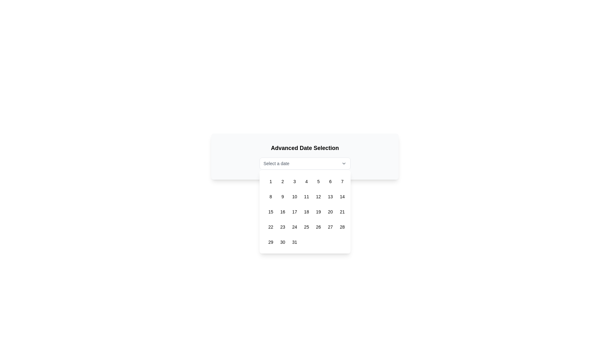 Image resolution: width=607 pixels, height=341 pixels. I want to click on the interactive calendar grid located below the 'Select a date' dropdown, so click(305, 212).